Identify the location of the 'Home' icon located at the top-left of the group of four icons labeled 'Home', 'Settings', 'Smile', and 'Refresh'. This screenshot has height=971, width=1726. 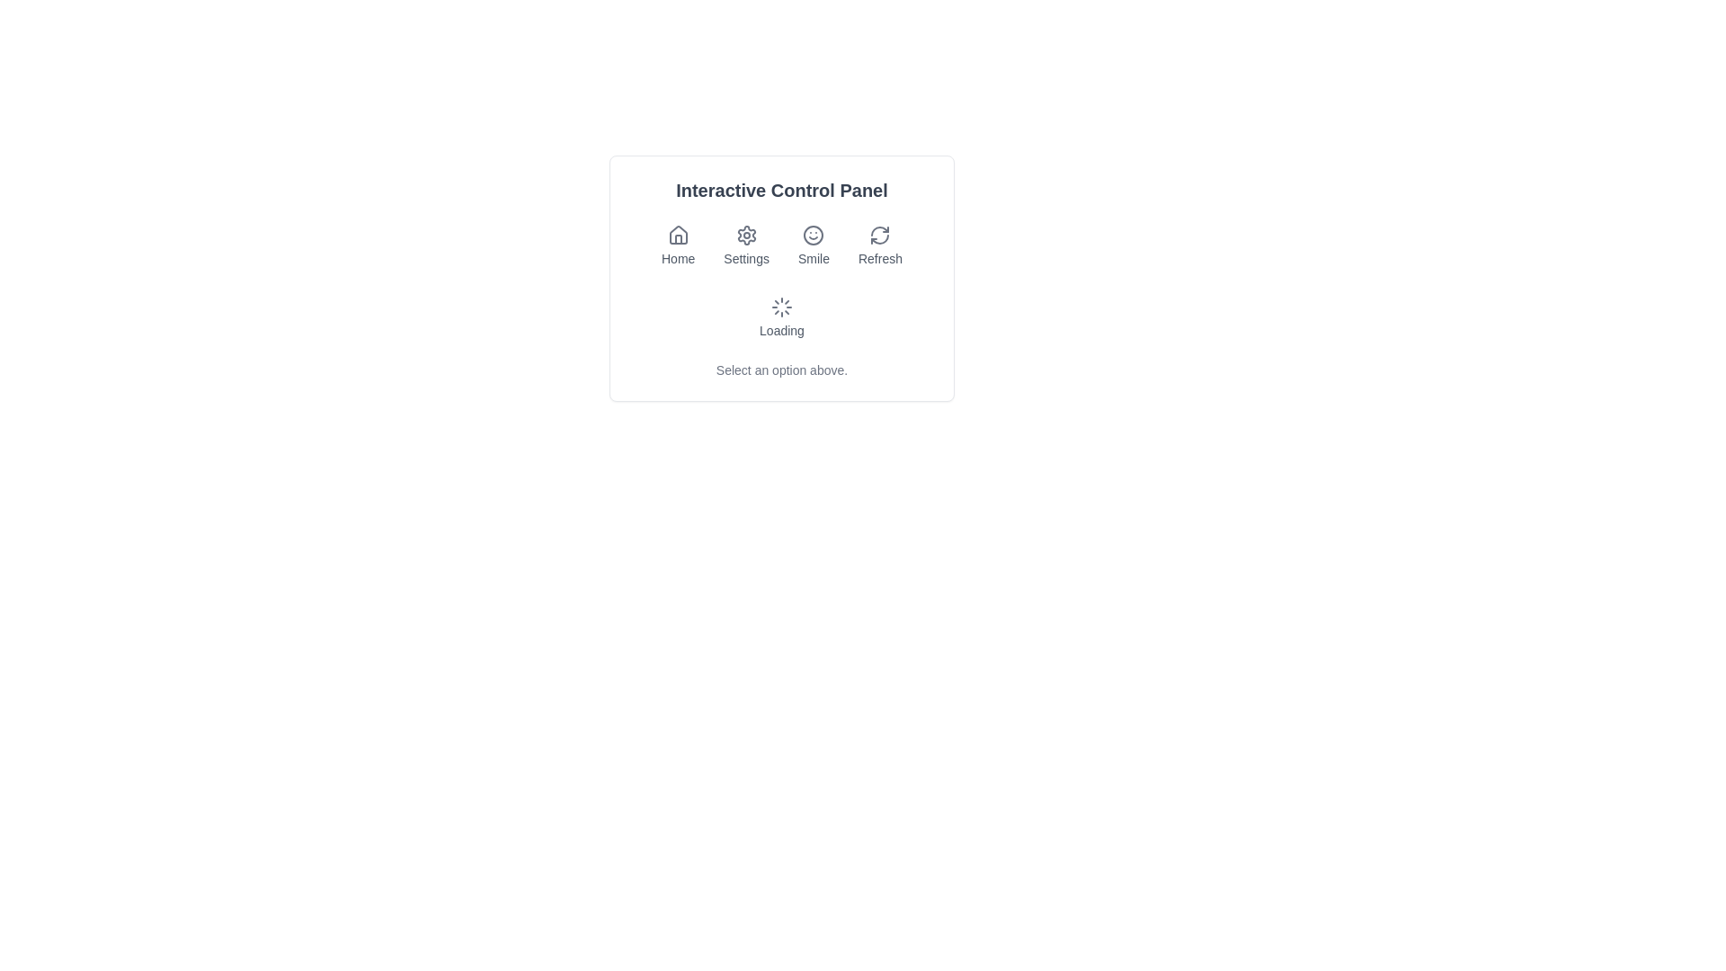
(677, 234).